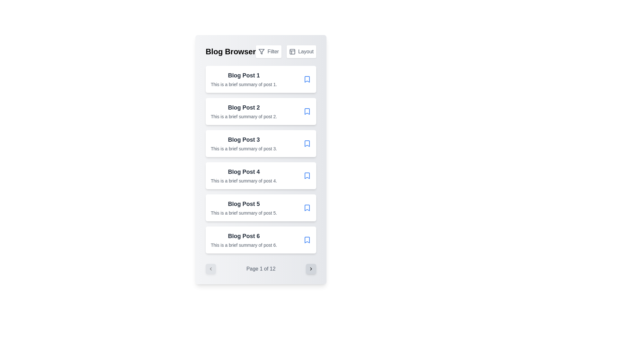  I want to click on the text component displaying 'This is a brief summary of post 1.', which is styled in gray and located below the title 'Blog Post 1' in the first card, so click(244, 84).